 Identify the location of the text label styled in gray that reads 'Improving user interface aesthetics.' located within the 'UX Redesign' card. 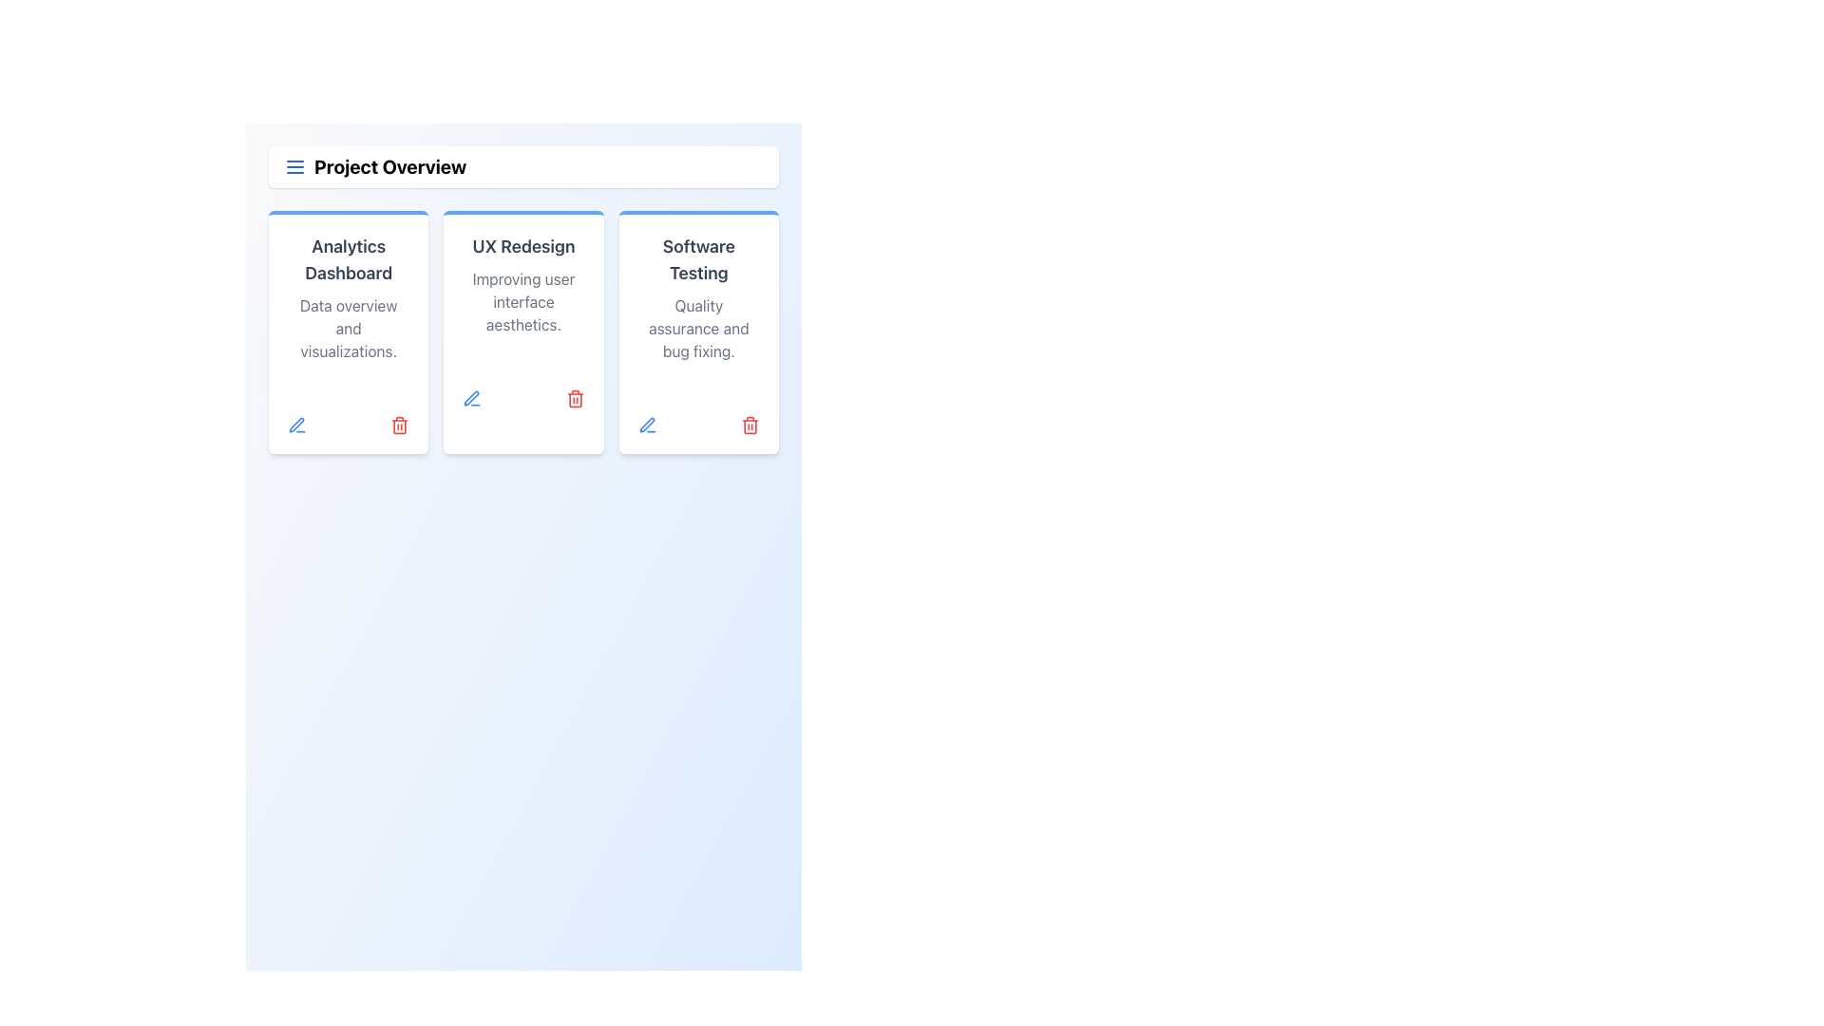
(523, 300).